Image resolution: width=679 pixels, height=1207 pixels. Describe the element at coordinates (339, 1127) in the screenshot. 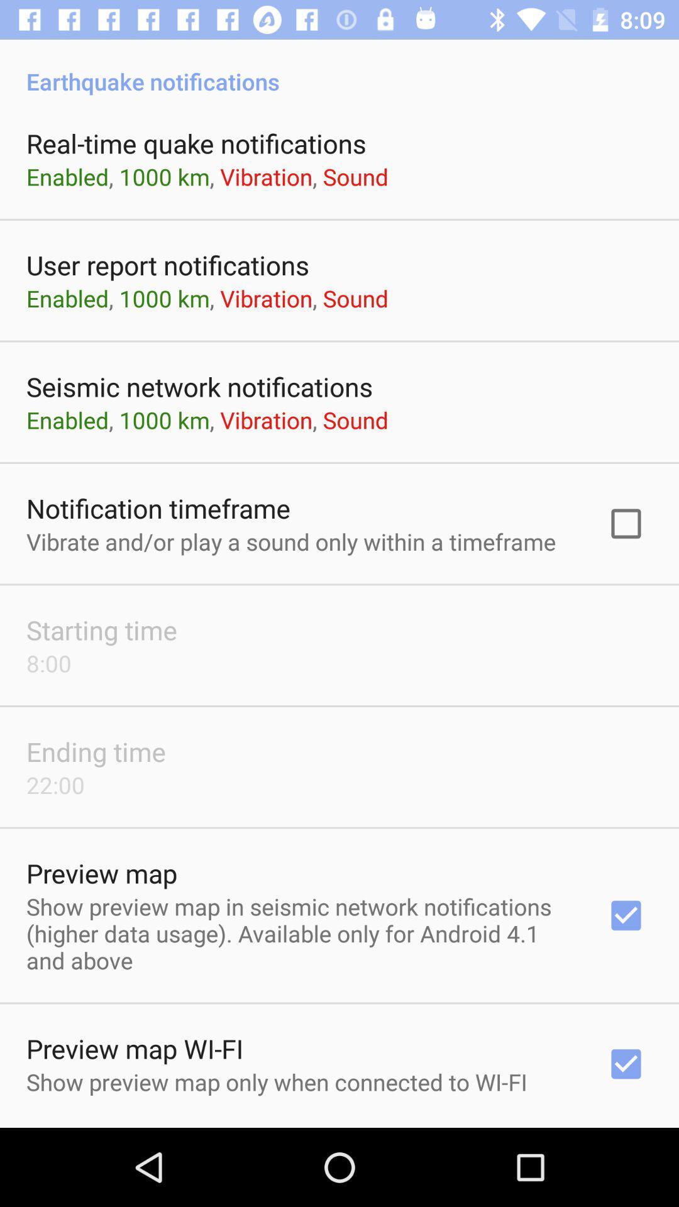

I see `the chat notifications item` at that location.